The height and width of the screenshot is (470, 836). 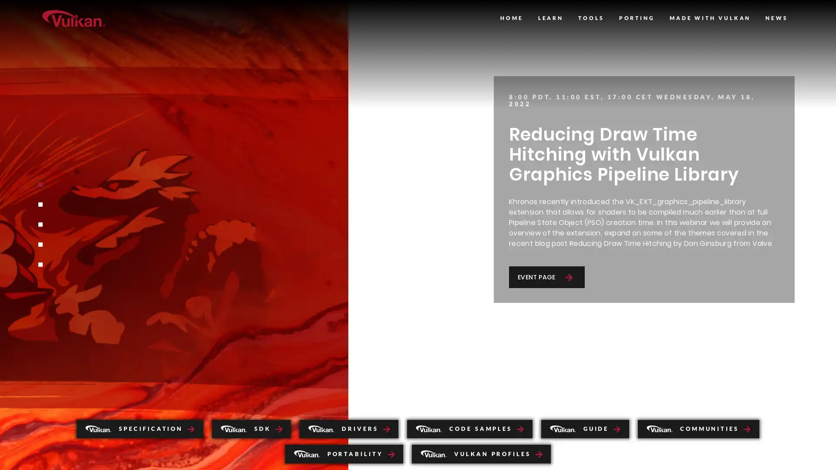 I want to click on 5, so click(x=39, y=264).